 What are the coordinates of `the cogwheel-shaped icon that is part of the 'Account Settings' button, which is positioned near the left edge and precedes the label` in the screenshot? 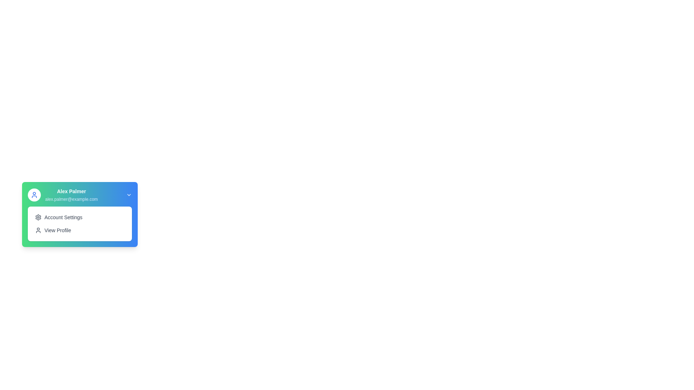 It's located at (38, 217).